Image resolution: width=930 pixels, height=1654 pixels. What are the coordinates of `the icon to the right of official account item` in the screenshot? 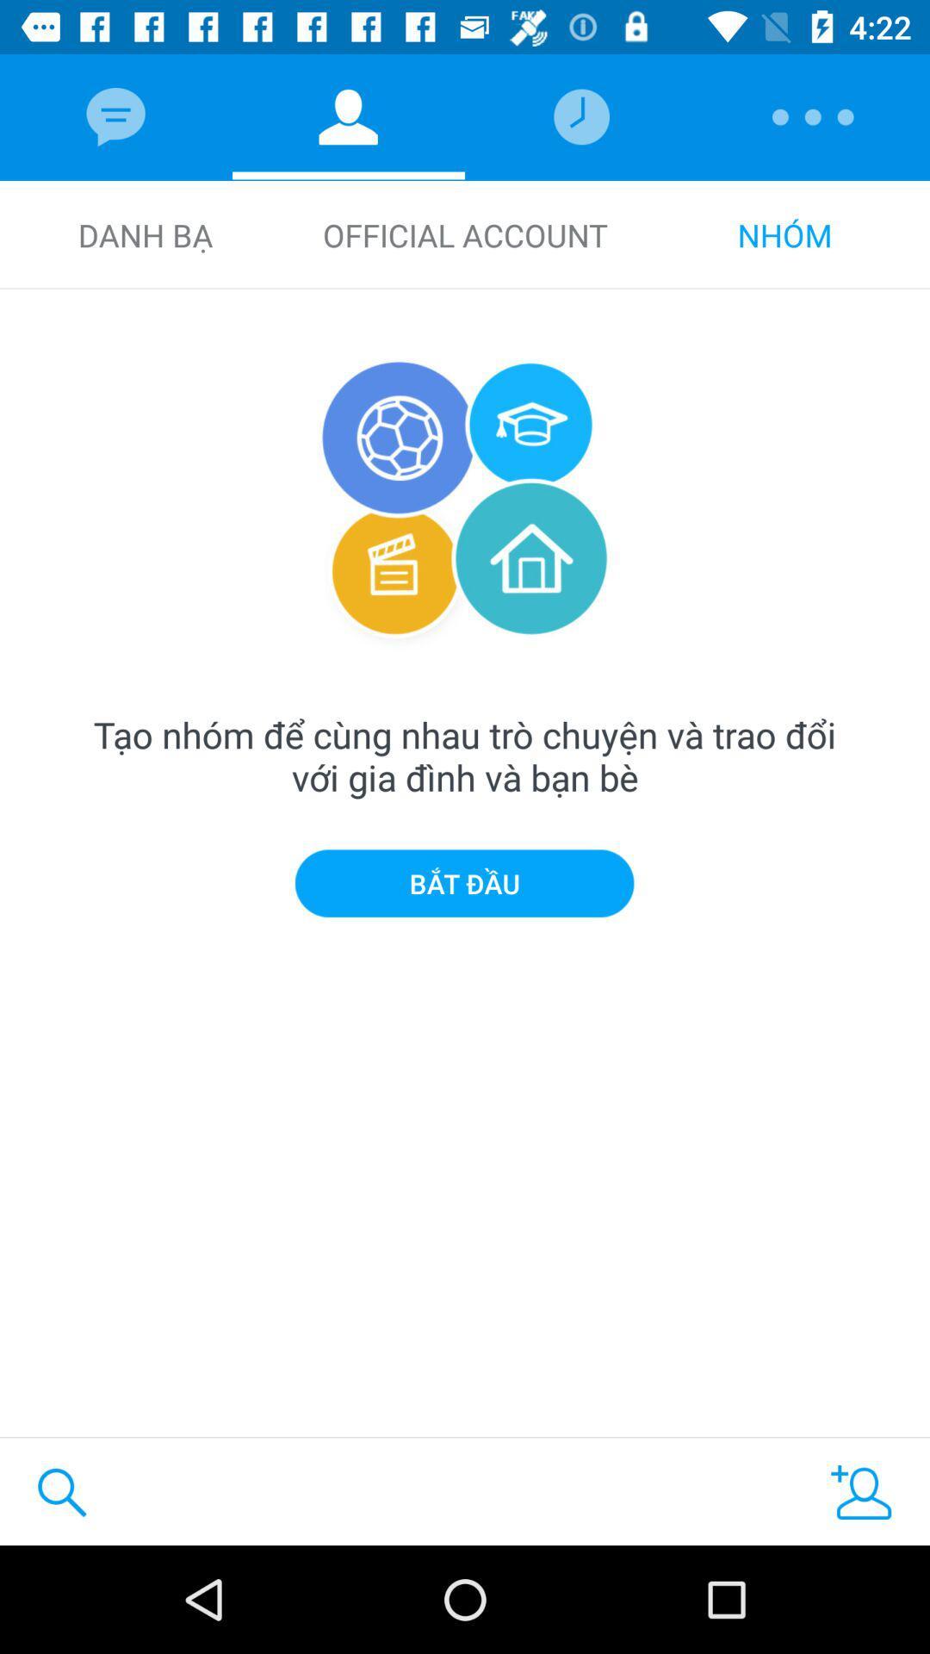 It's located at (784, 234).